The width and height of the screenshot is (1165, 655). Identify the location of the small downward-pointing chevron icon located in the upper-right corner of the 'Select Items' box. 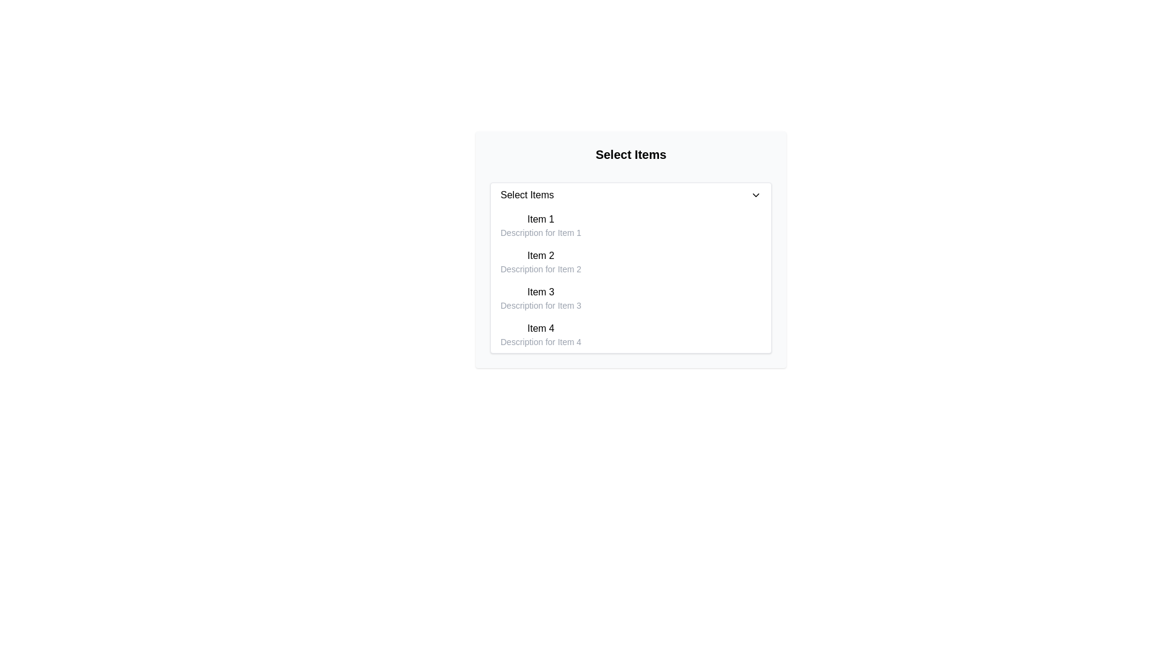
(755, 194).